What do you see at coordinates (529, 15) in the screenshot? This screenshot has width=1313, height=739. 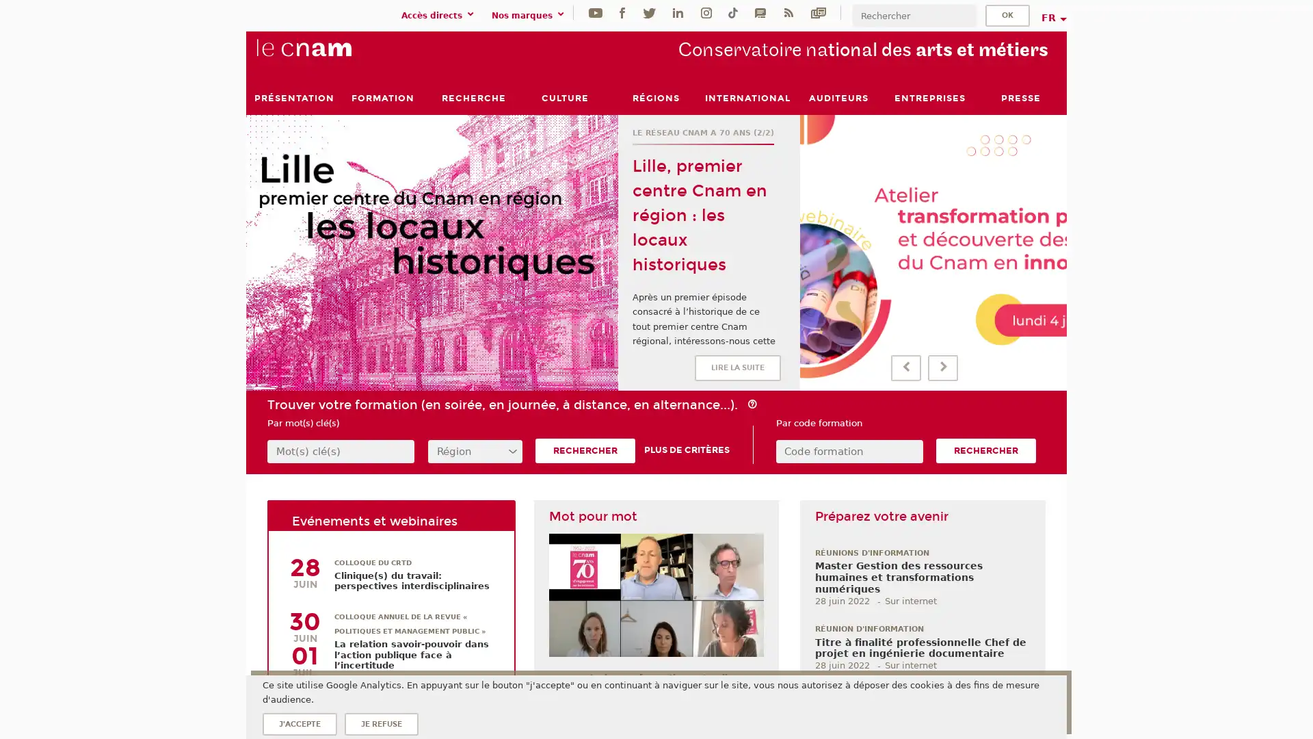 I see `Nos marques` at bounding box center [529, 15].